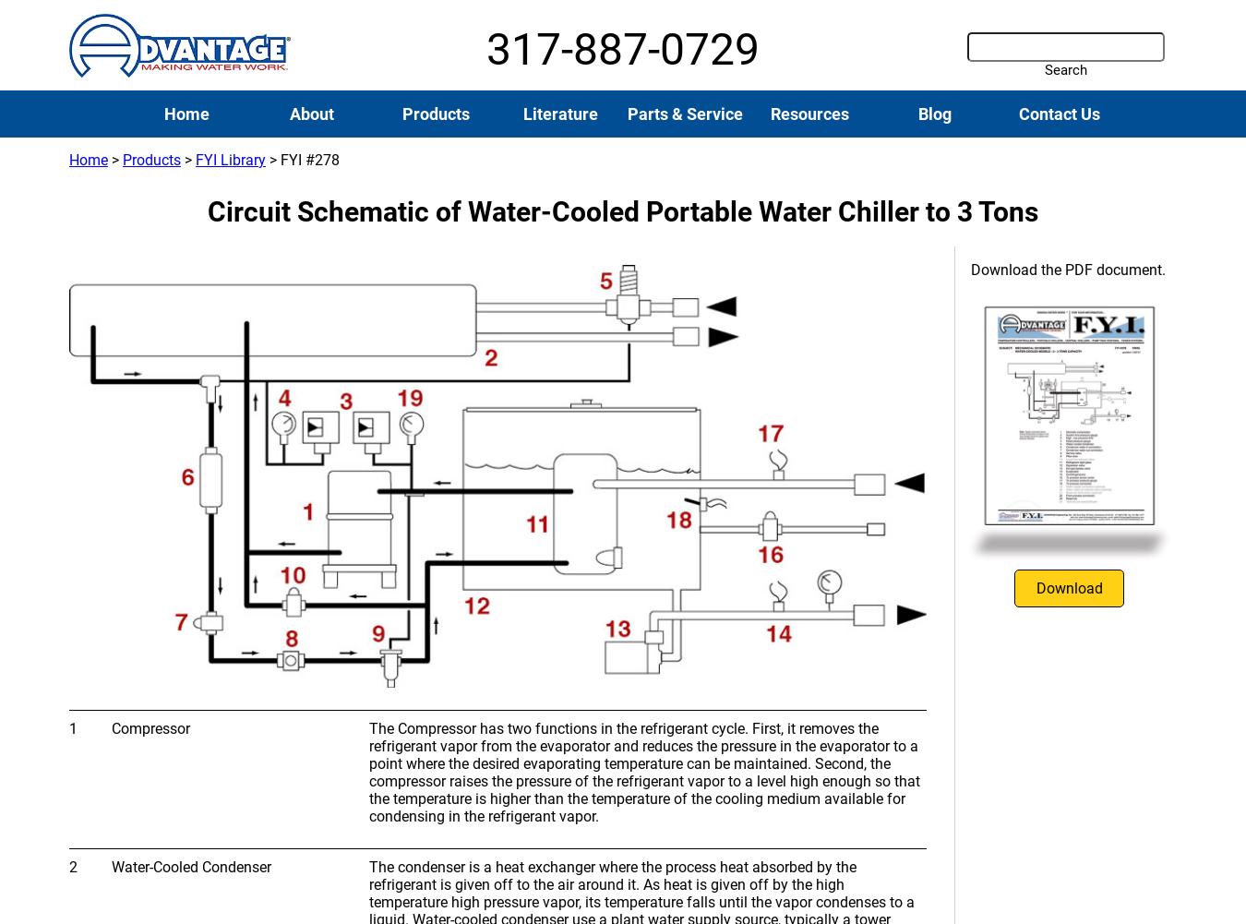  I want to click on 'About', so click(309, 113).